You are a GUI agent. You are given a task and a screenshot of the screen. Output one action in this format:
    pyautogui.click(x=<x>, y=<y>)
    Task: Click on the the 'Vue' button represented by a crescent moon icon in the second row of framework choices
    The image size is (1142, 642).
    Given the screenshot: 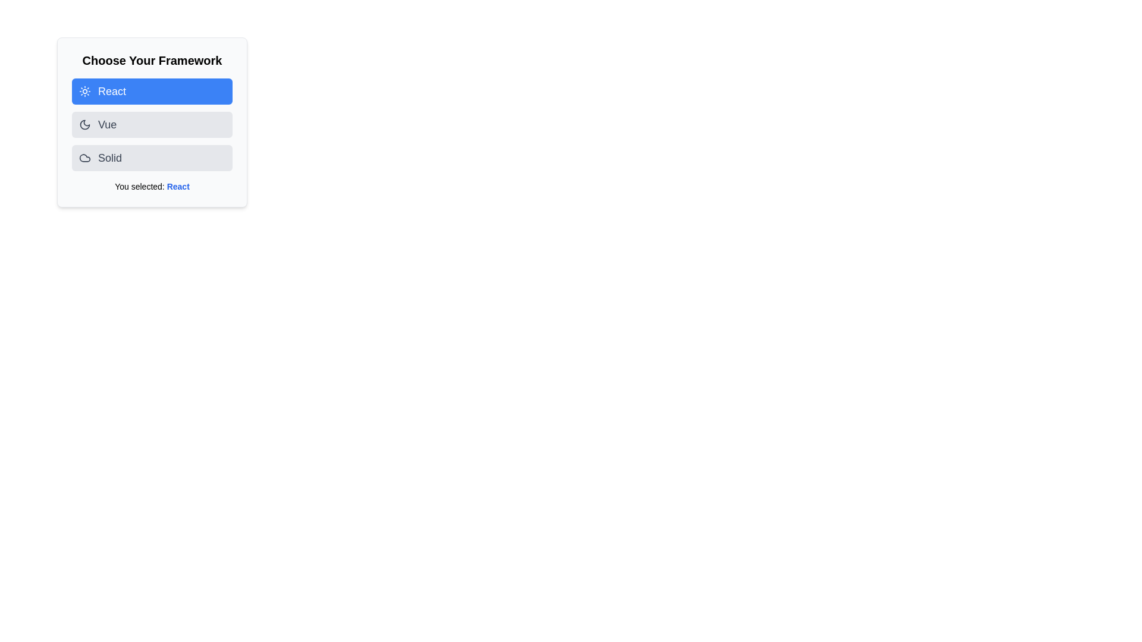 What is the action you would take?
    pyautogui.click(x=84, y=124)
    